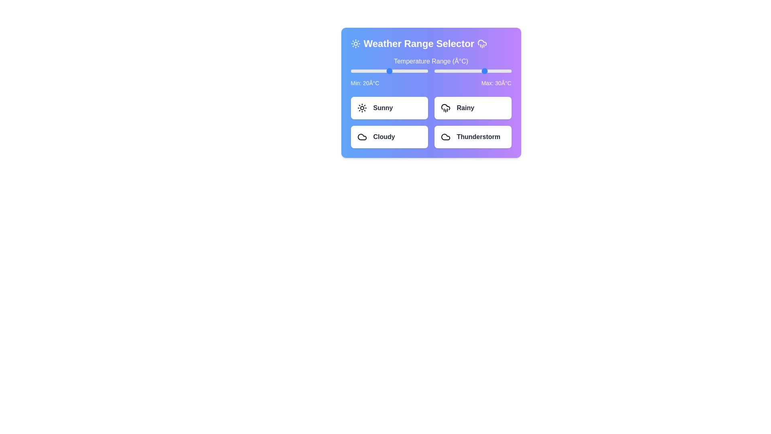 The height and width of the screenshot is (434, 771). I want to click on the maximum temperature slider to 41°C, so click(499, 71).